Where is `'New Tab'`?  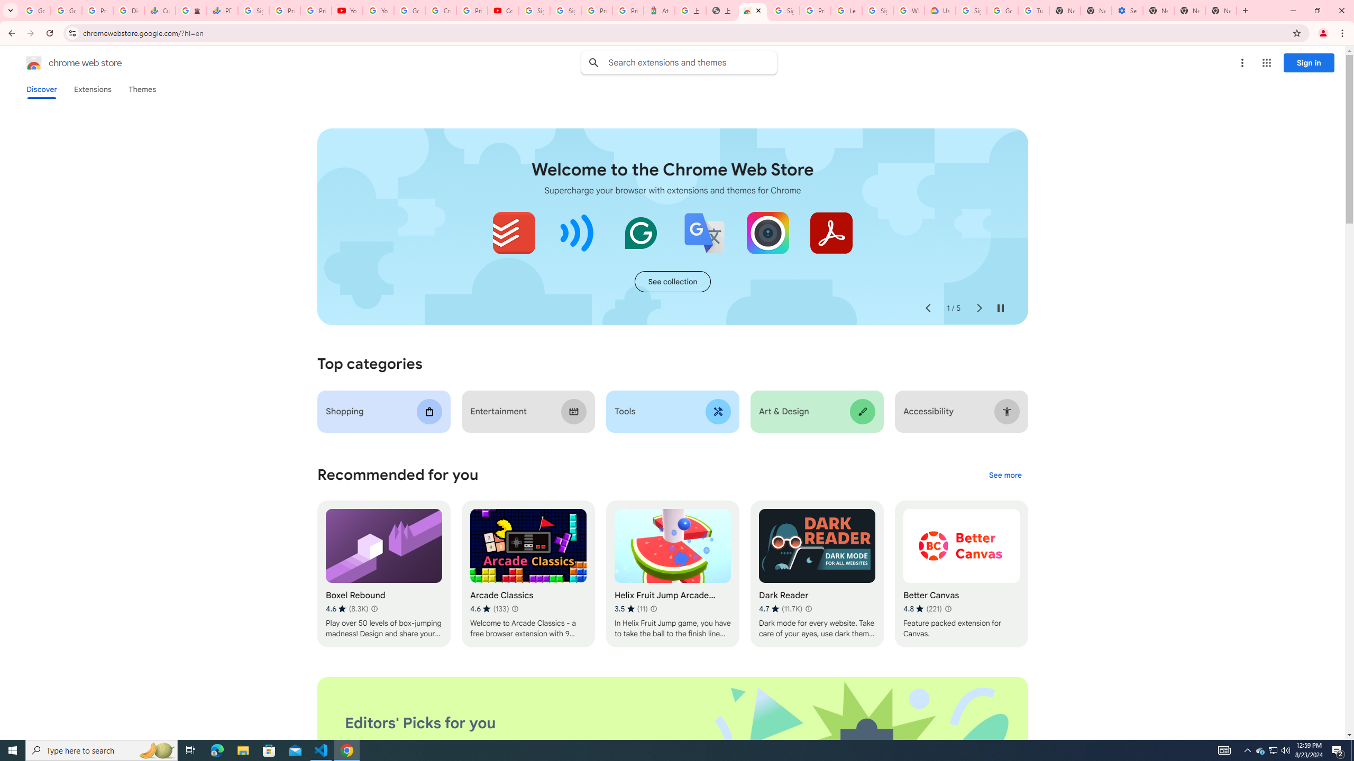
'New Tab' is located at coordinates (1221, 10).